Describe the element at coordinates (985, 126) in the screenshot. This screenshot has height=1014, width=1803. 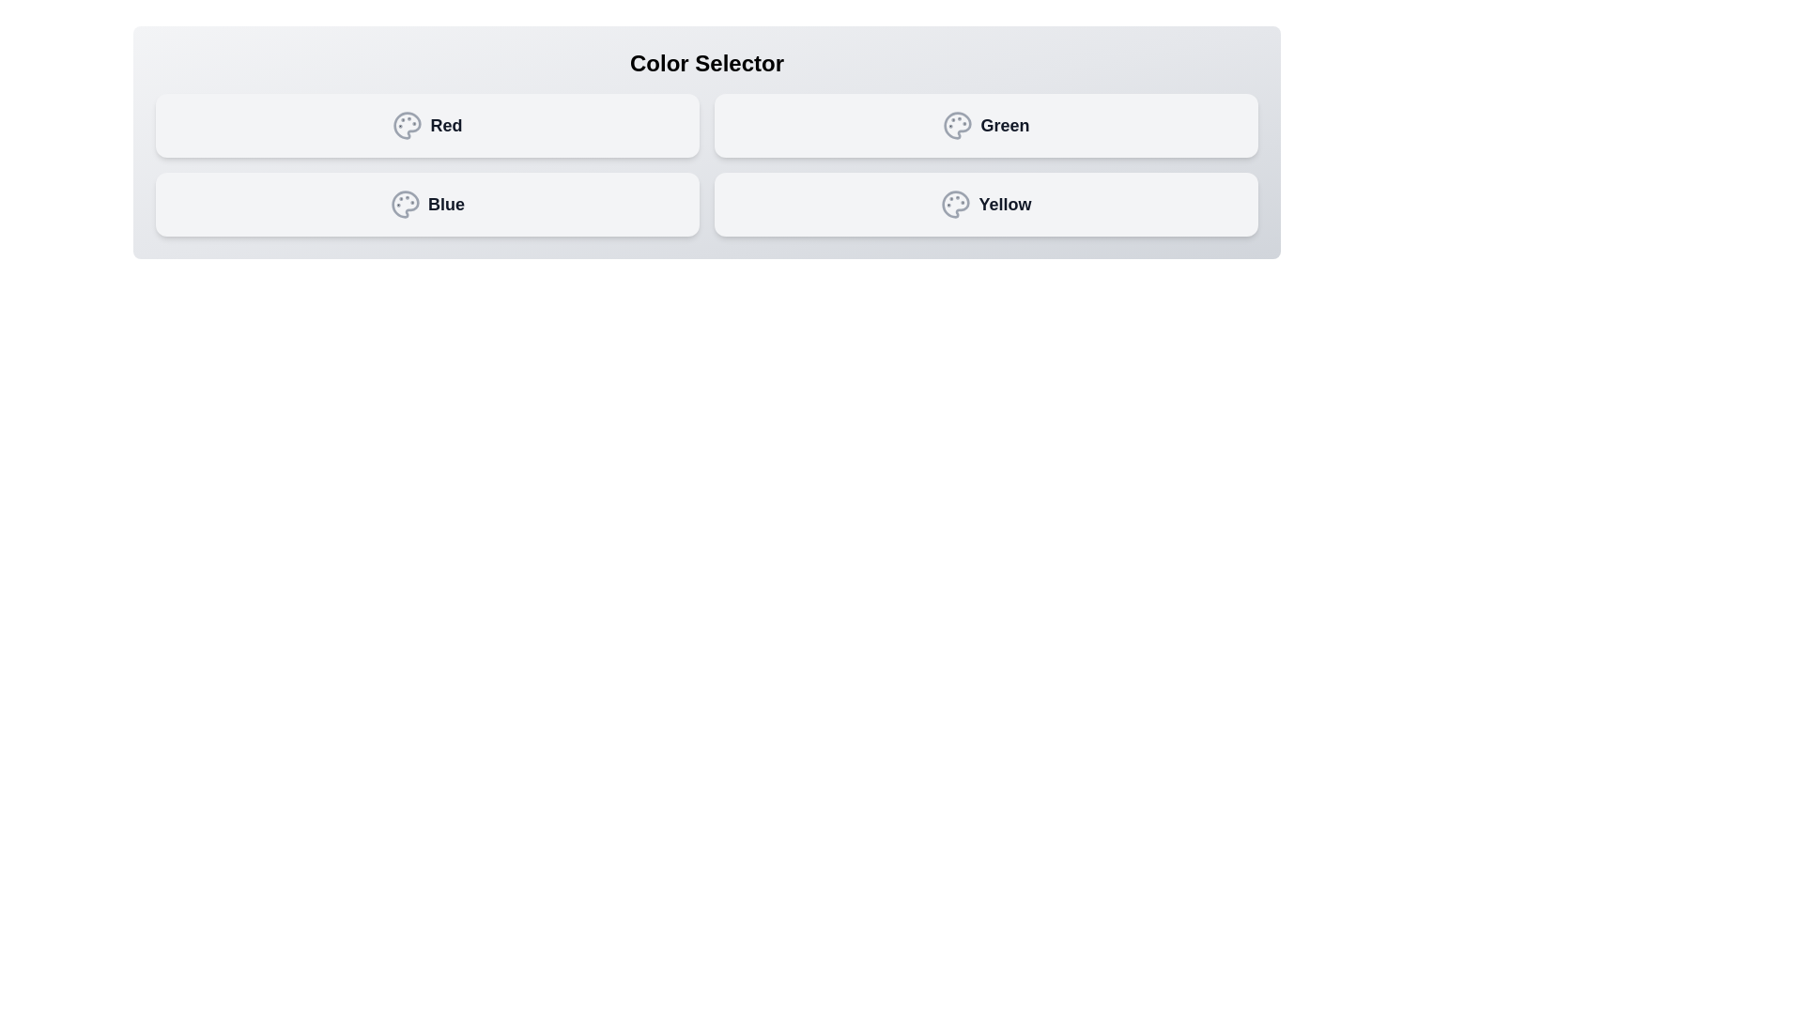
I see `the button labeled Green to observe its hover effect` at that location.